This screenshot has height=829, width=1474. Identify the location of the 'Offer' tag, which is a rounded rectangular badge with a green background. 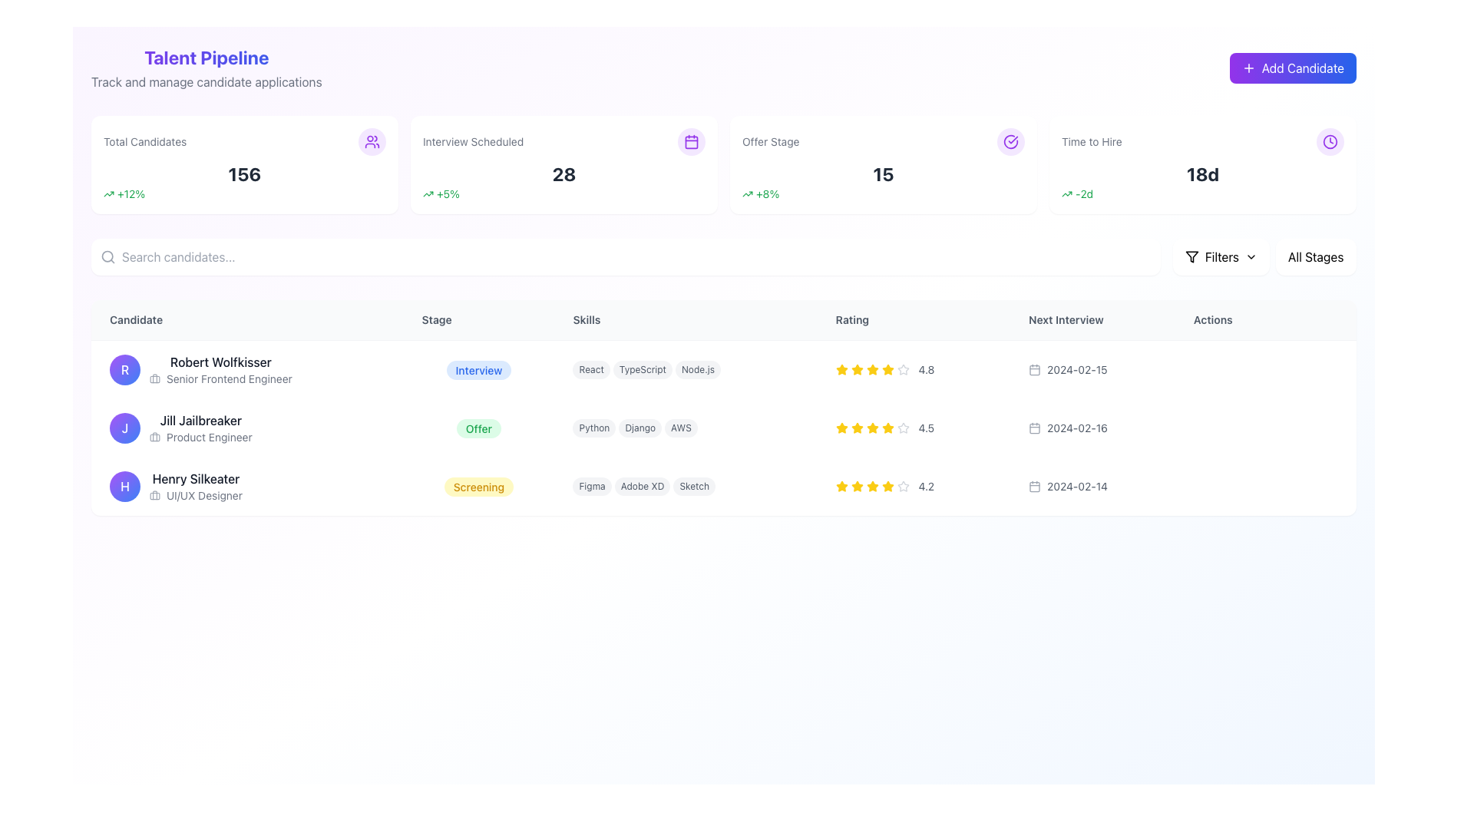
(478, 428).